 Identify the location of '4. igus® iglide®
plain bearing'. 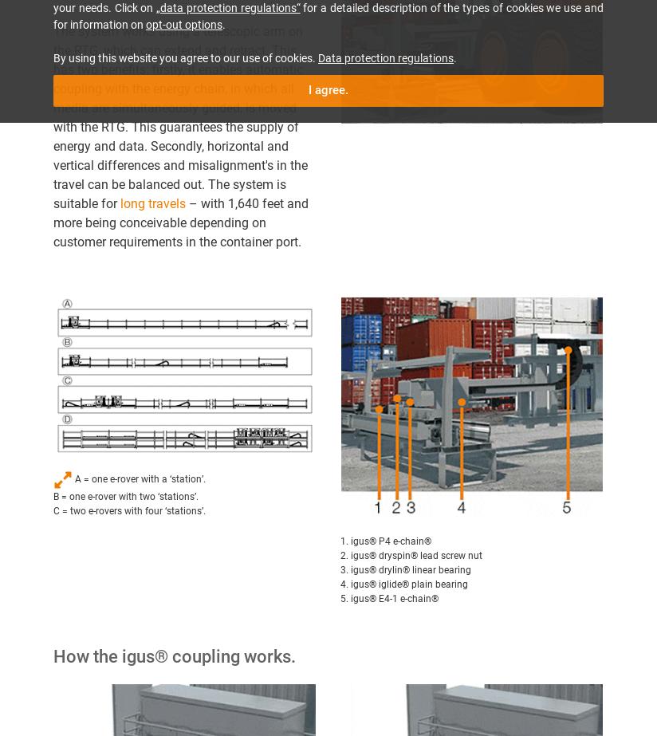
(403, 583).